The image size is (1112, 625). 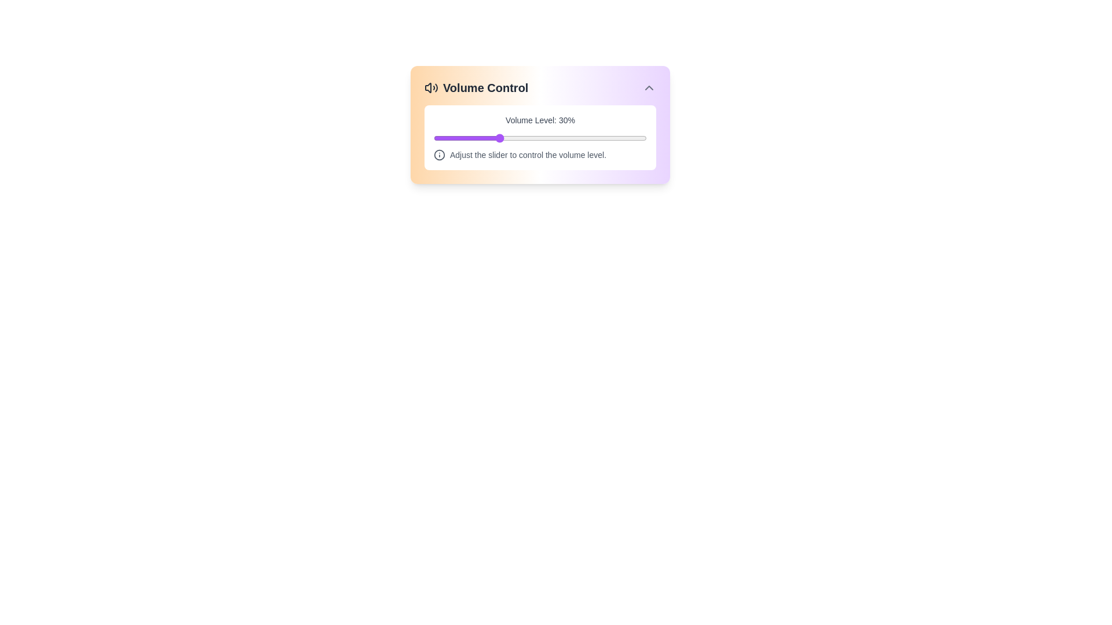 I want to click on the volume slider to set the volume to 39%, so click(x=516, y=138).